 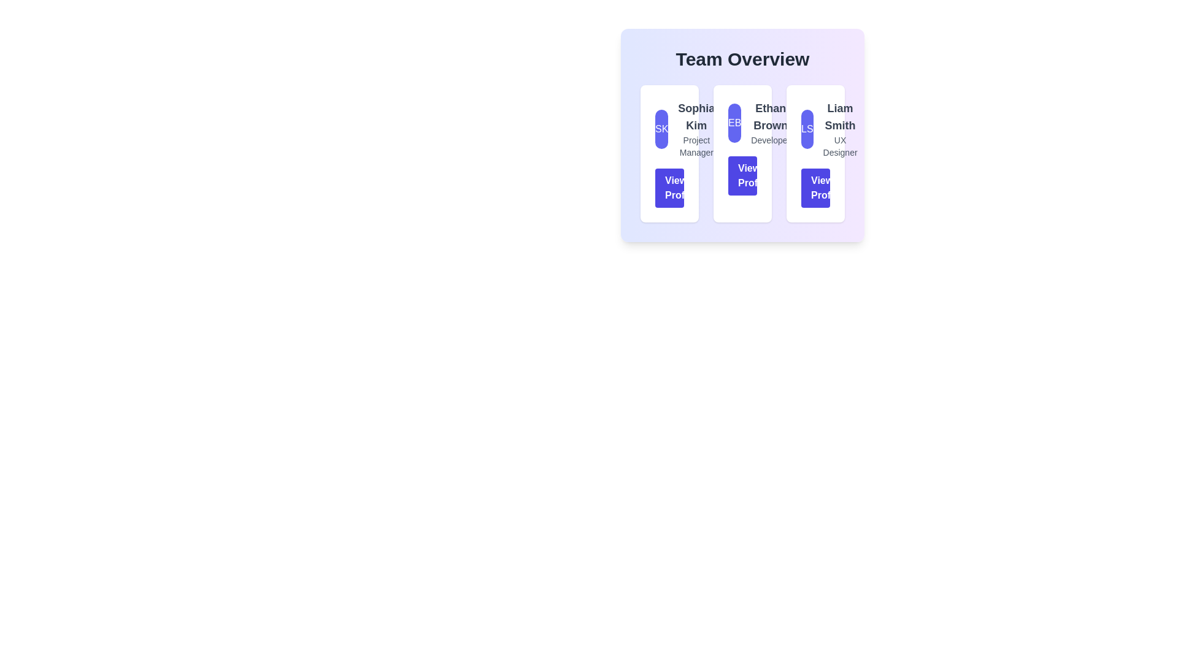 What do you see at coordinates (696, 129) in the screenshot?
I see `text from the Text Display element which shows 'Sophia Kim' and 'Project Manager', centrally aligned in a light-themed card` at bounding box center [696, 129].